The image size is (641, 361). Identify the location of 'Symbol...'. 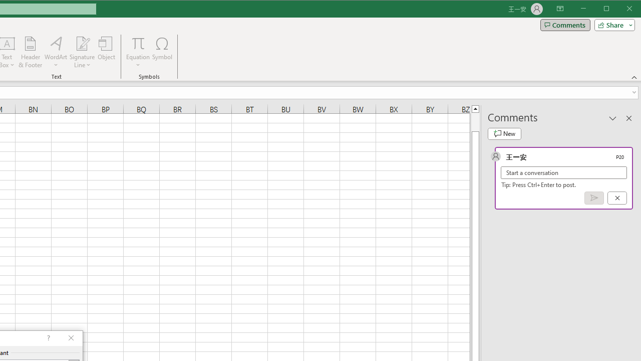
(162, 52).